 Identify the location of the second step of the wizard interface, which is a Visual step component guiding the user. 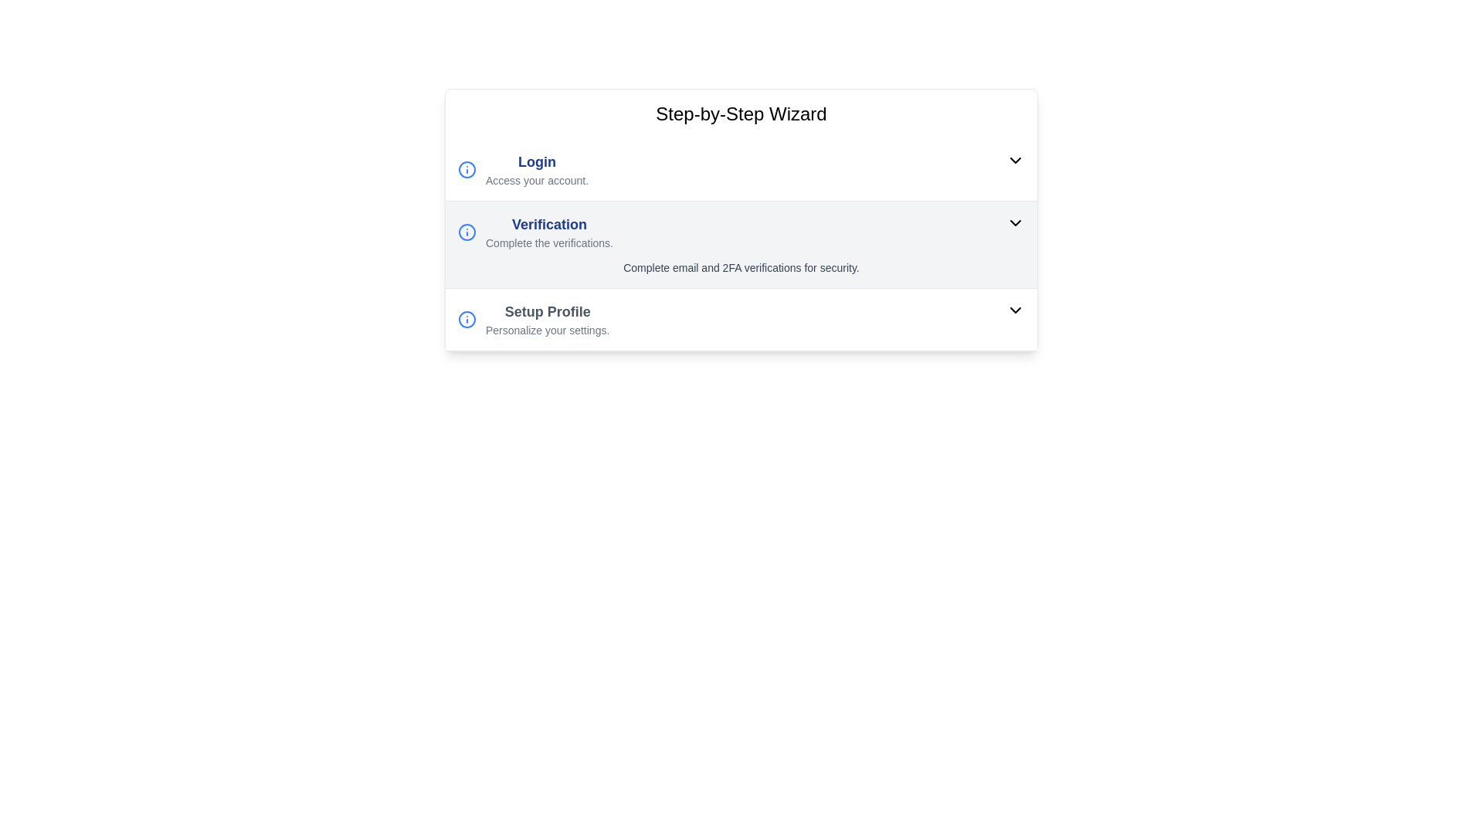
(741, 244).